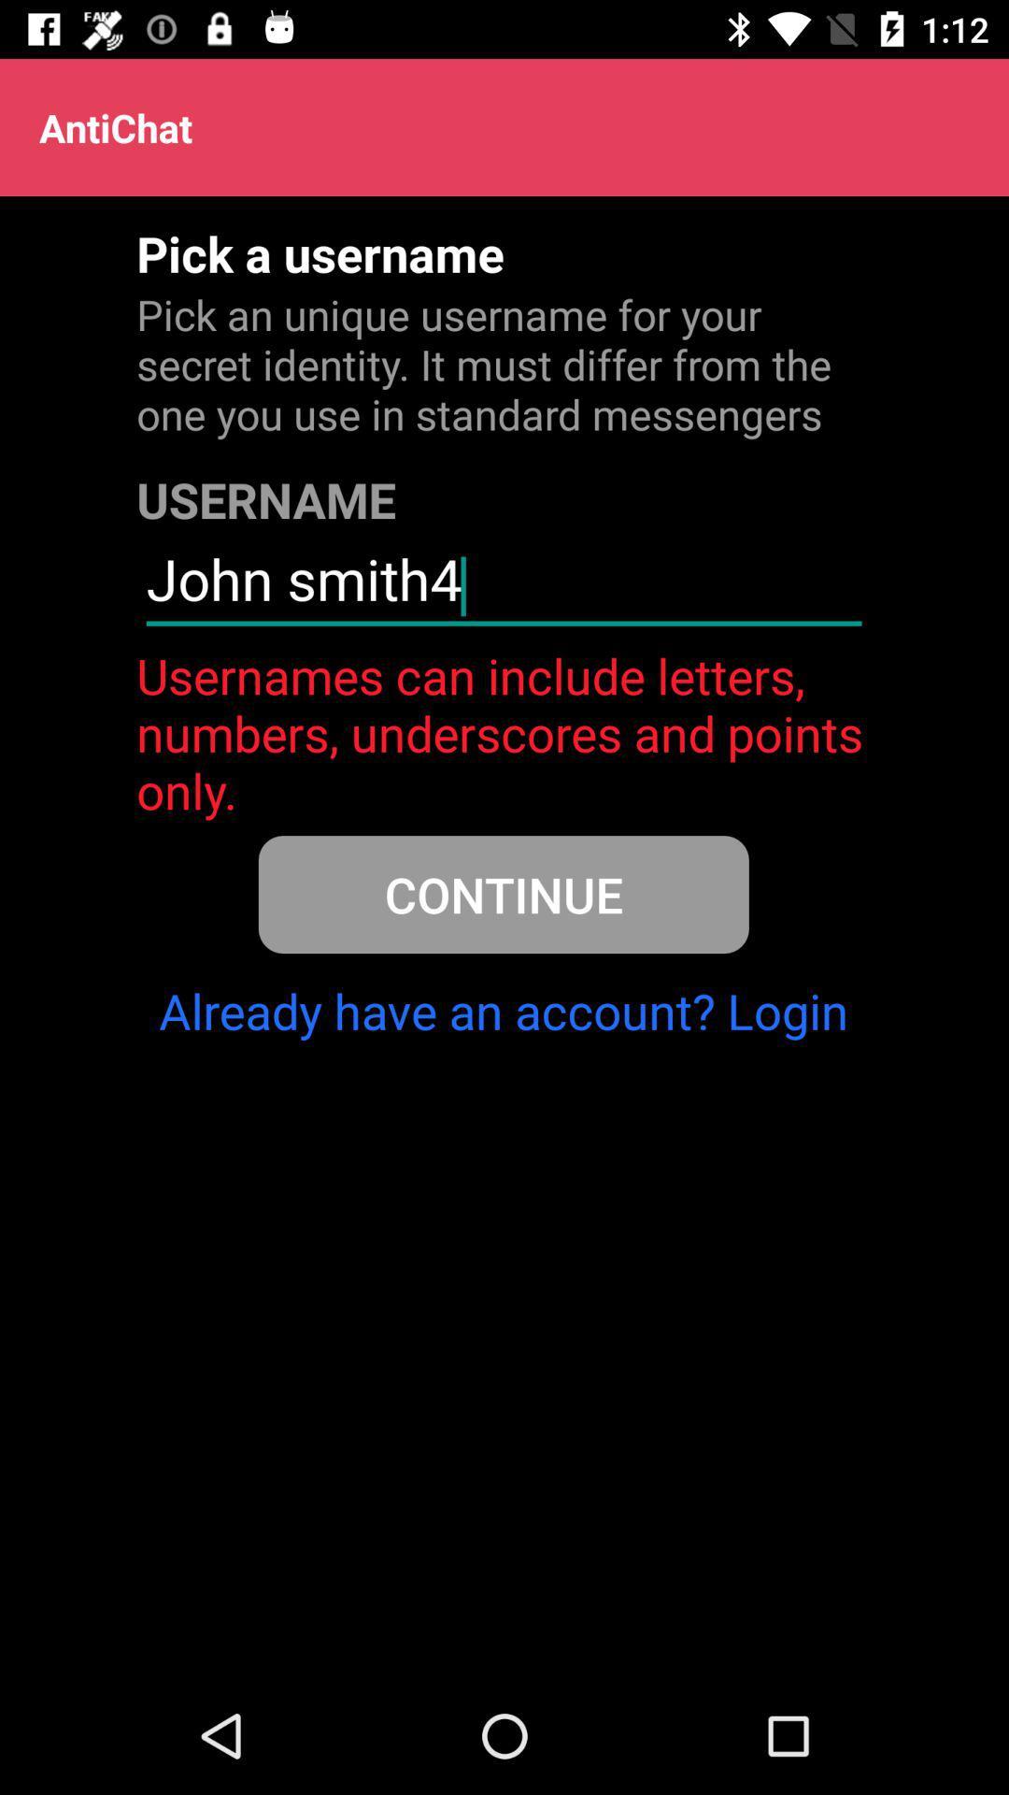  I want to click on the already have an, so click(503, 1010).